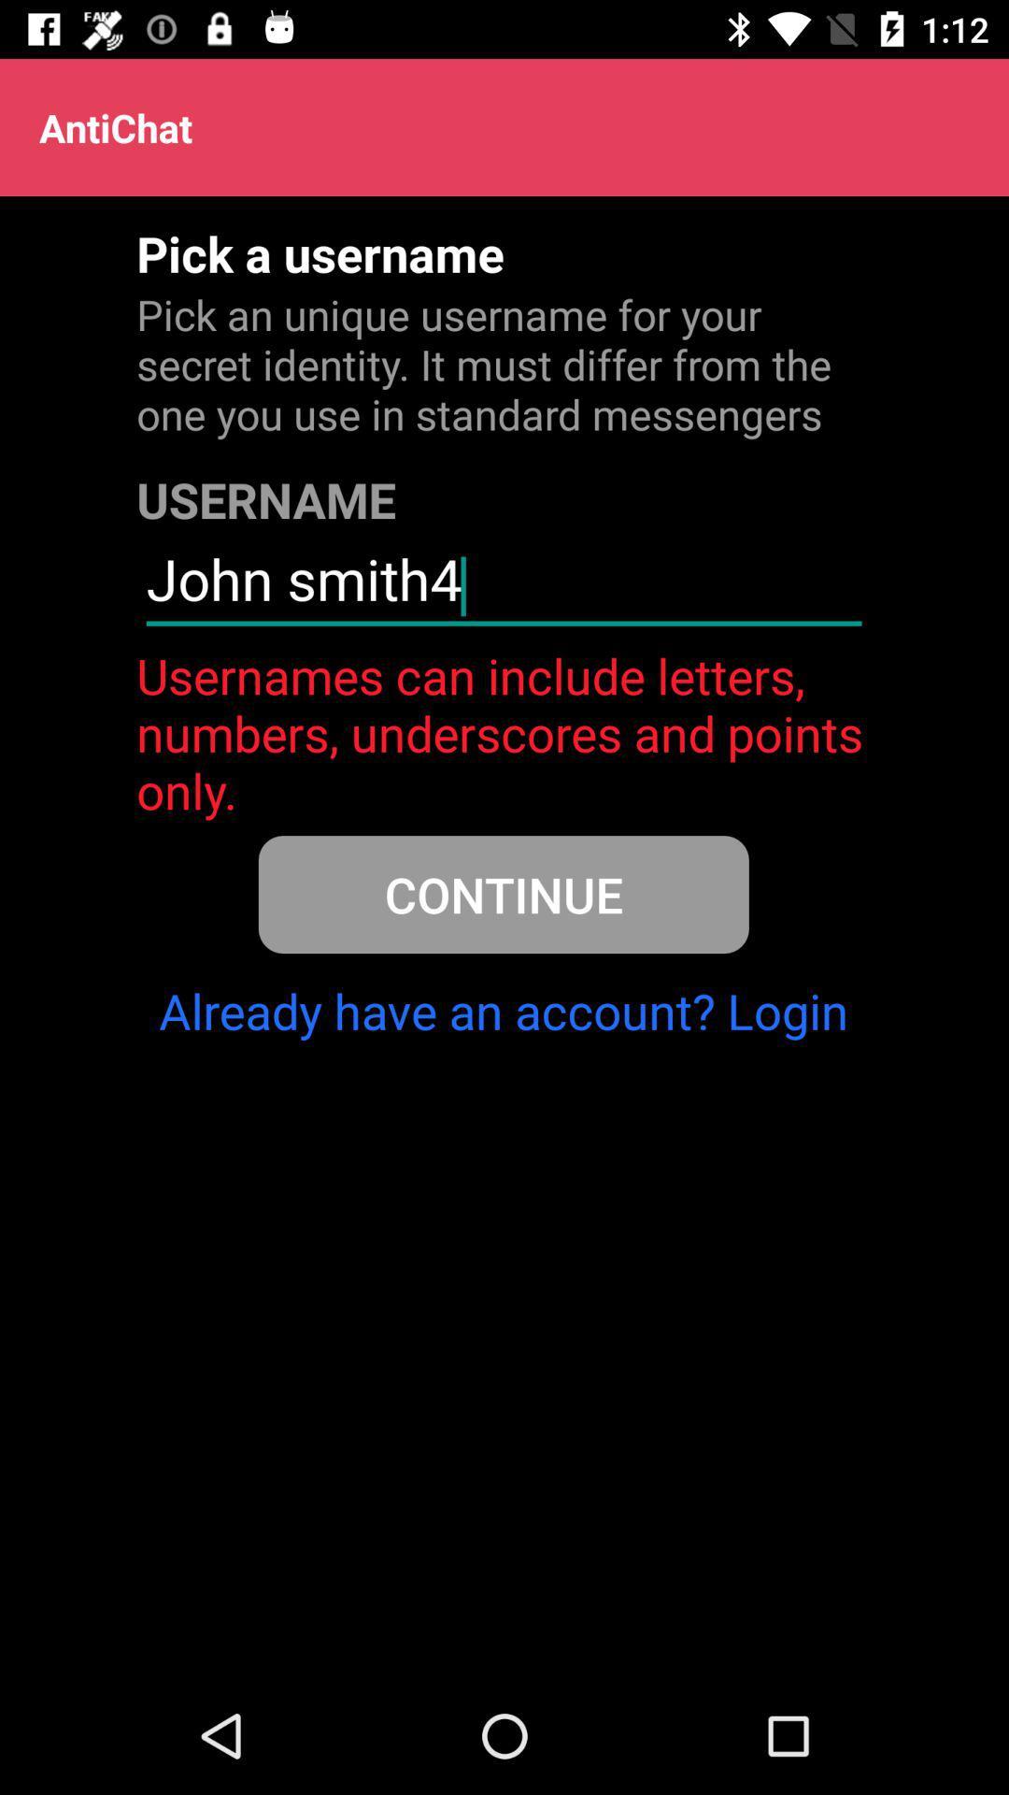  I want to click on the already have an, so click(503, 1010).